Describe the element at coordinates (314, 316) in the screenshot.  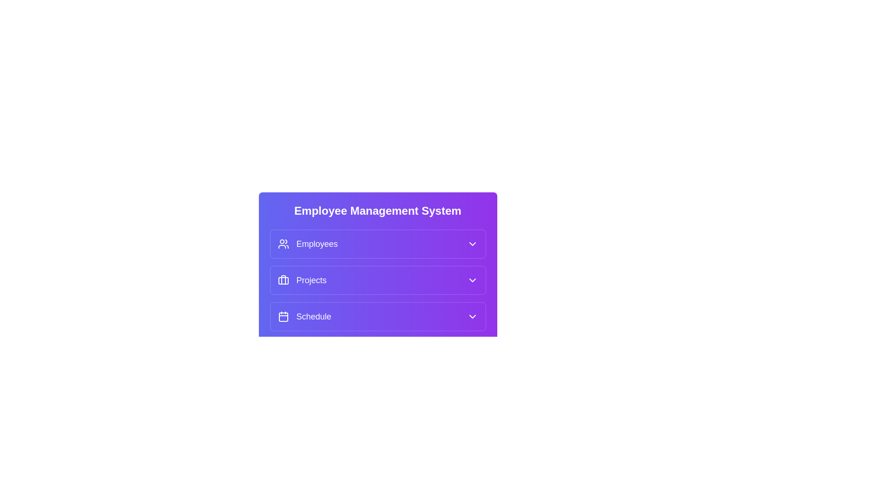
I see `'Schedule' text label located in the vertical menu section of the Employee Management System, which is the third item in the sequence` at that location.